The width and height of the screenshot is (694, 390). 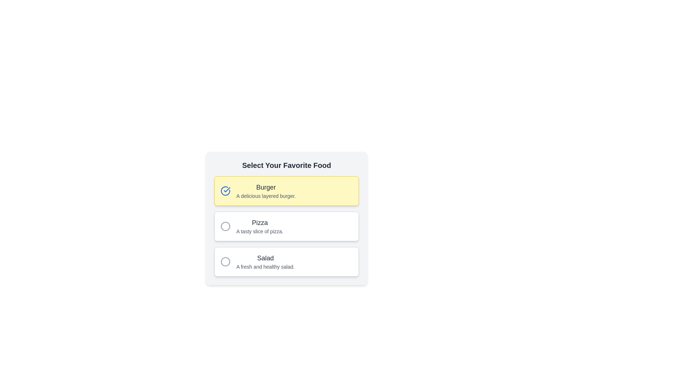 What do you see at coordinates (266, 187) in the screenshot?
I see `the bold, medium-sized text reading 'Burger' which is part of a highlighted selection, positioned at the top of three choices` at bounding box center [266, 187].